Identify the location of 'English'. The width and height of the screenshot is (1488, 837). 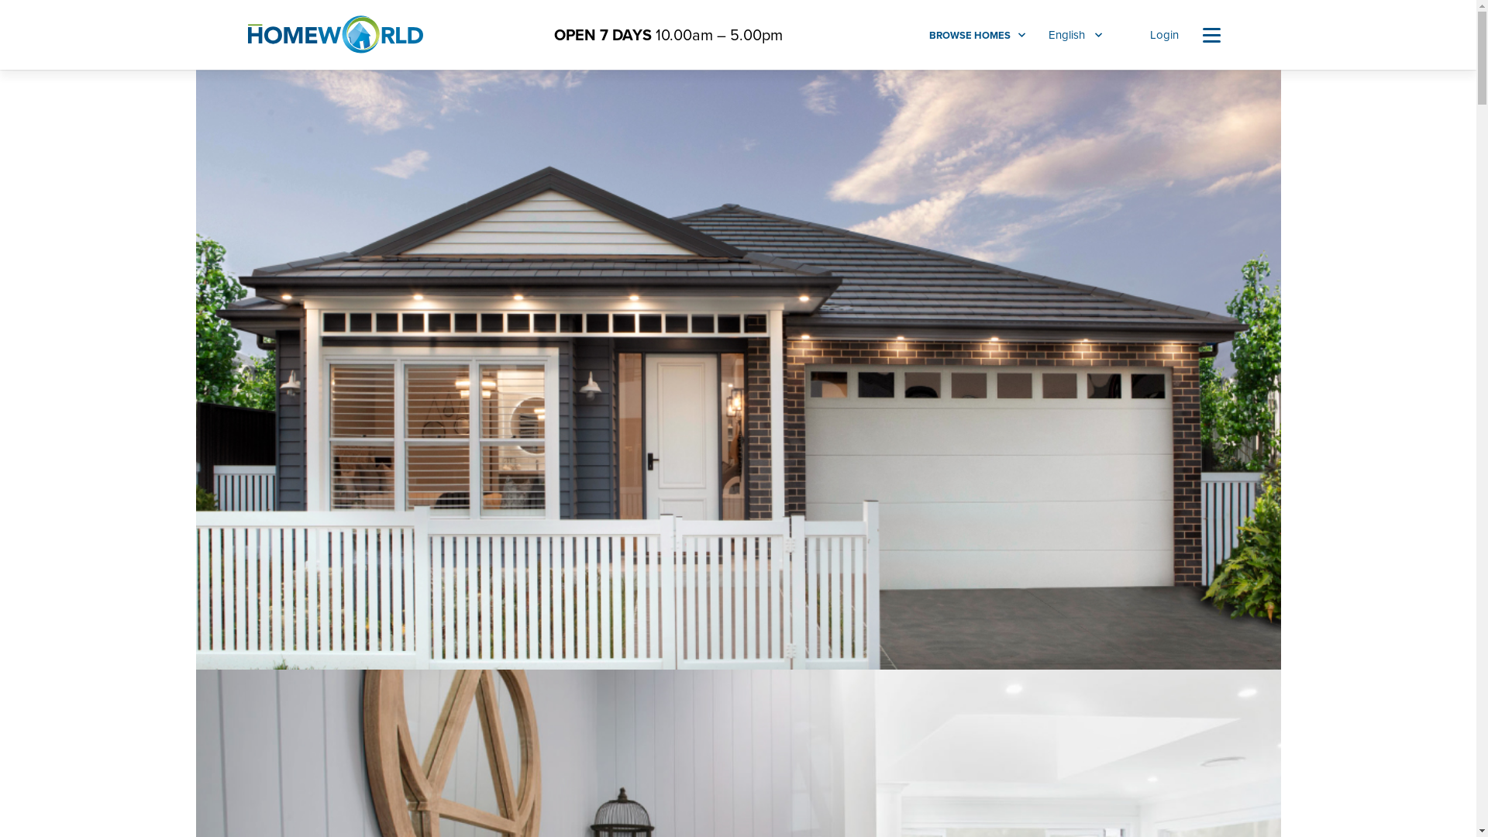
(1074, 35).